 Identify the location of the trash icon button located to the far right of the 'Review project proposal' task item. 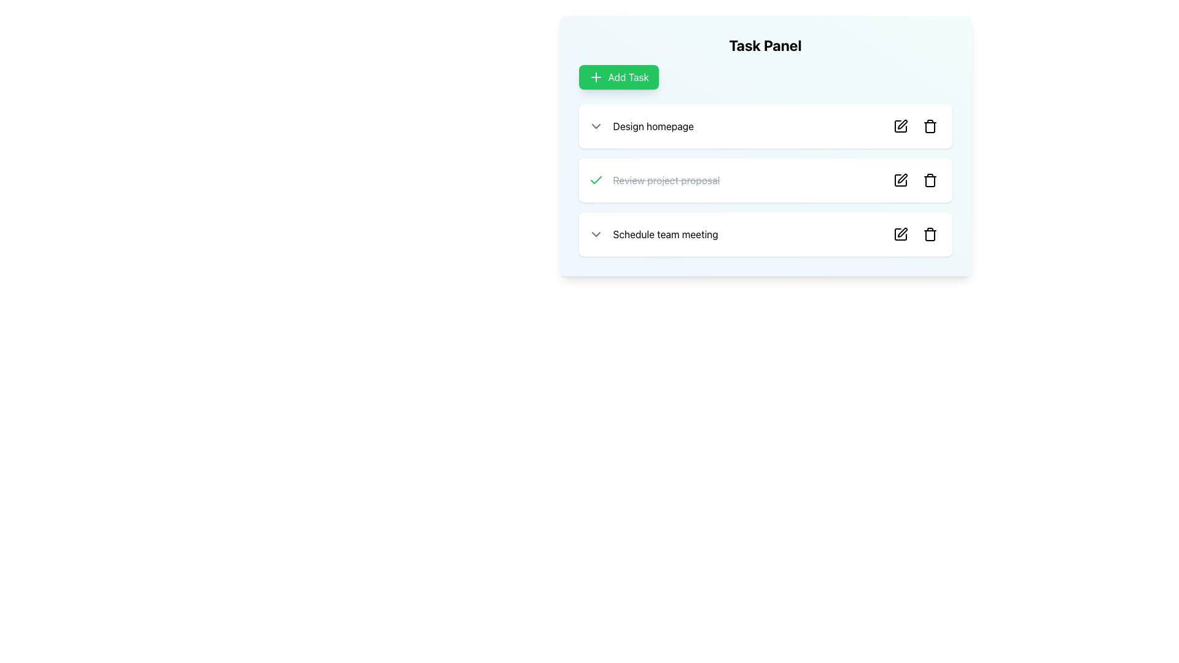
(930, 180).